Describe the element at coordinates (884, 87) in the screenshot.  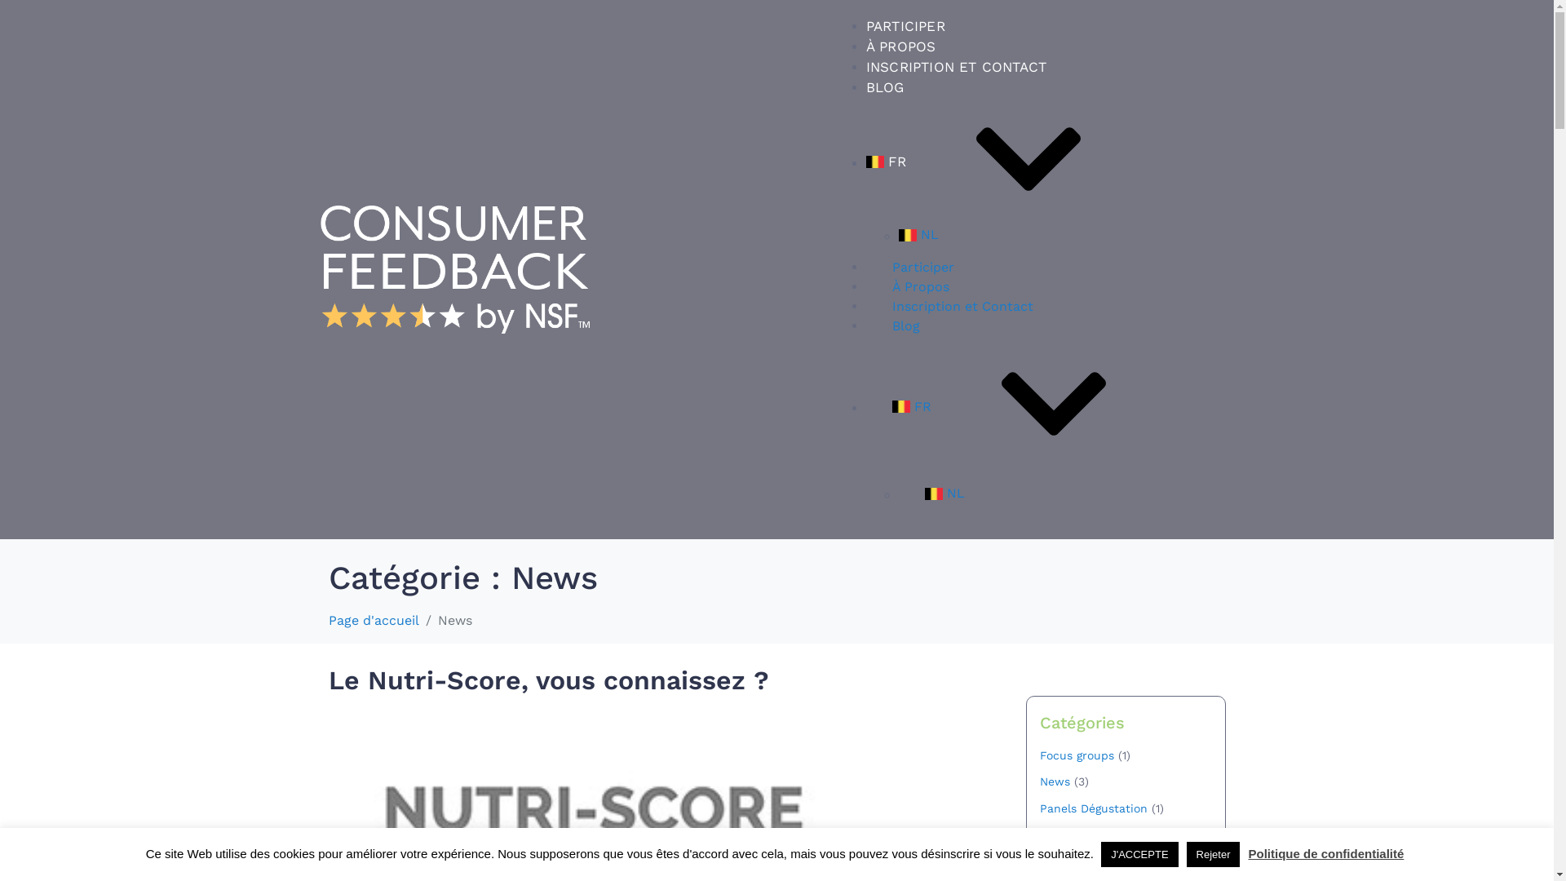
I see `'BLOG'` at that location.